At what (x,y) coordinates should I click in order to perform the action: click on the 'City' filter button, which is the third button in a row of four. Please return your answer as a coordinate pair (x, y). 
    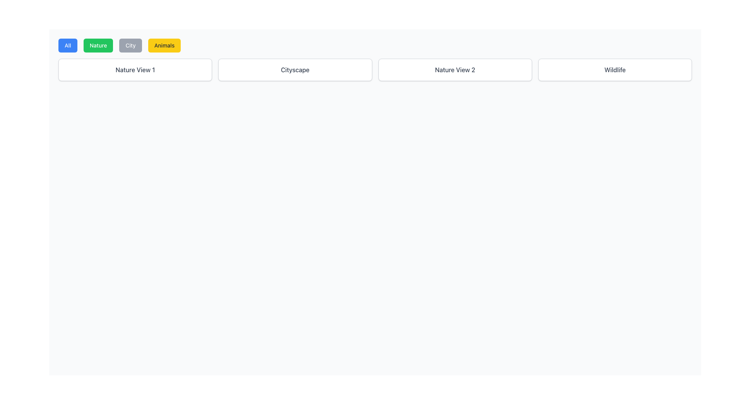
    Looking at the image, I should click on (130, 46).